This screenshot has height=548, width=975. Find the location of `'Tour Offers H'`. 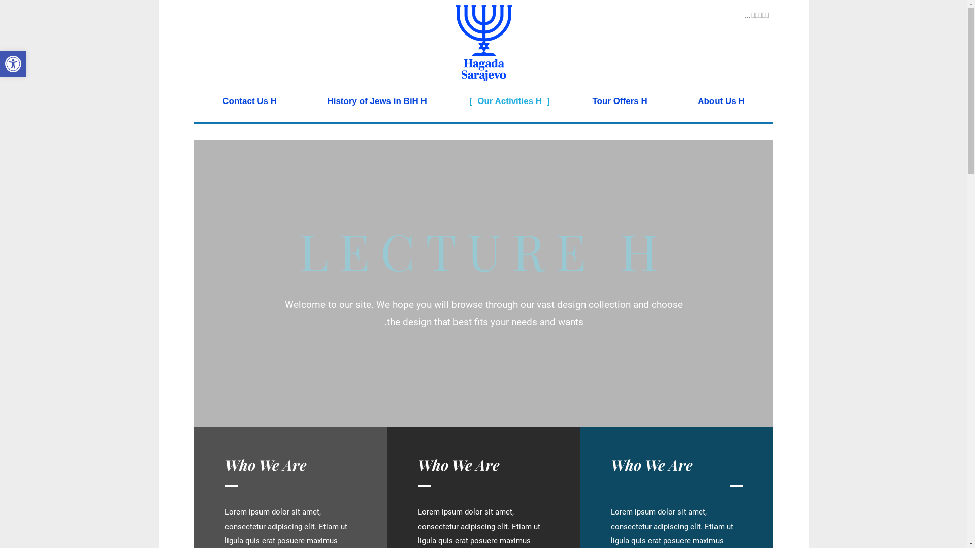

'Tour Offers H' is located at coordinates (567, 101).